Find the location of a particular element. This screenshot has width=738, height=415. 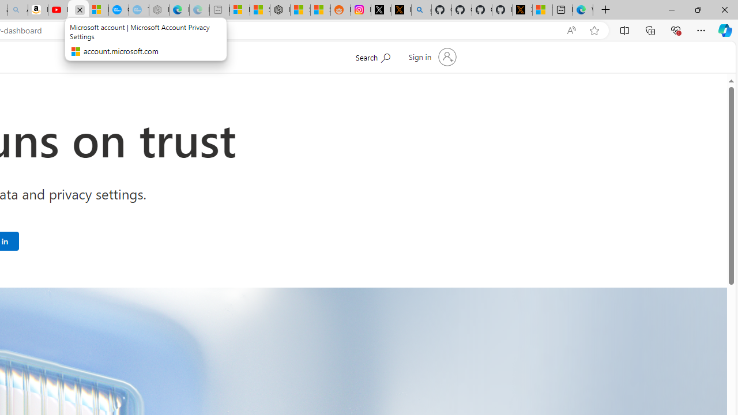

'Opinion: Op-Ed and Commentary - USA TODAY' is located at coordinates (119, 10).